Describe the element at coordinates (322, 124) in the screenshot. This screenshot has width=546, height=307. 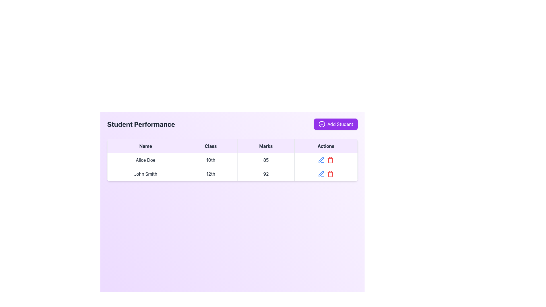
I see `the circular part of the circle-plus icon inside the 'Add Student' button located in the top-right corner of the interface` at that location.